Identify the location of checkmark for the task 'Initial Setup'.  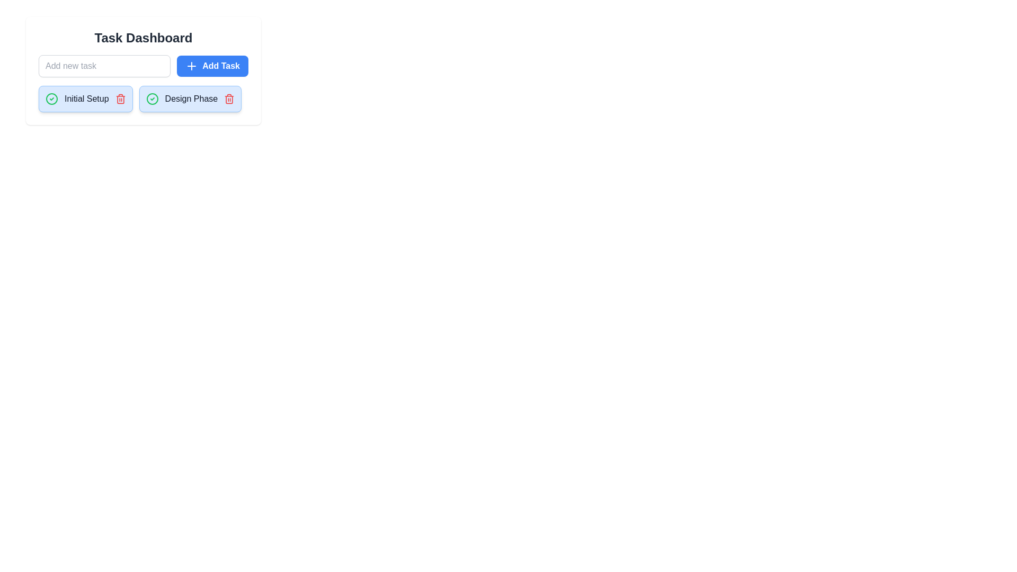
(51, 99).